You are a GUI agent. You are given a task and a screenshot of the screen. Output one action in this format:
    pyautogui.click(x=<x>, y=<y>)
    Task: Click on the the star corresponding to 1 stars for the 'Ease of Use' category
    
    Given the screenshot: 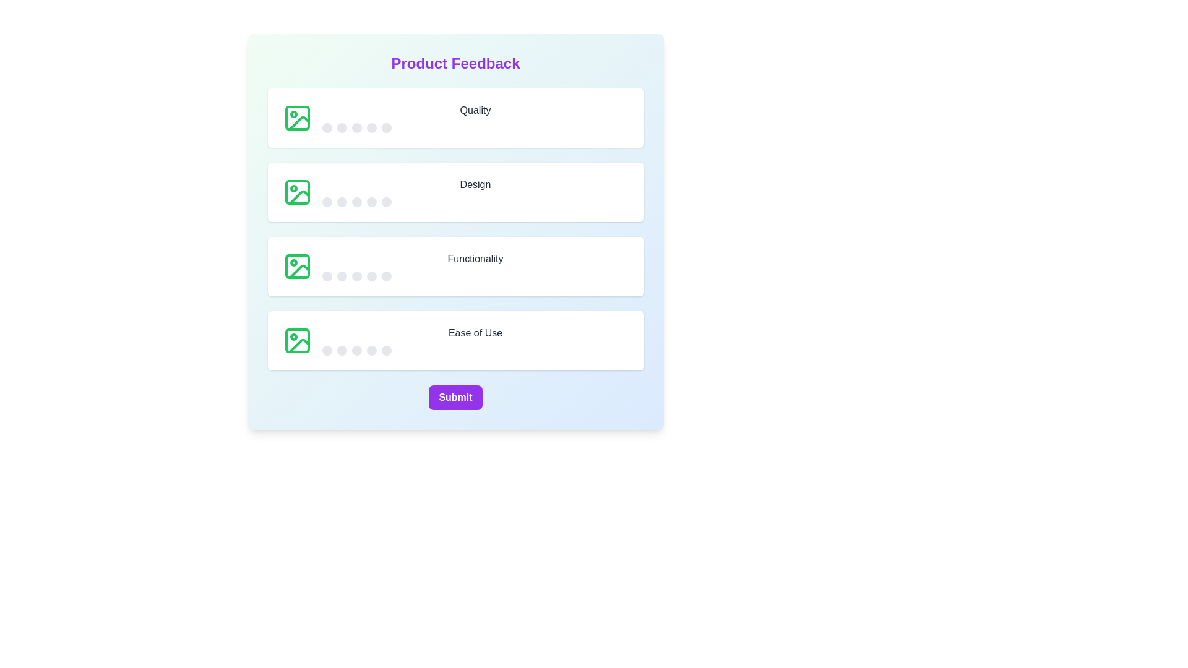 What is the action you would take?
    pyautogui.click(x=327, y=351)
    